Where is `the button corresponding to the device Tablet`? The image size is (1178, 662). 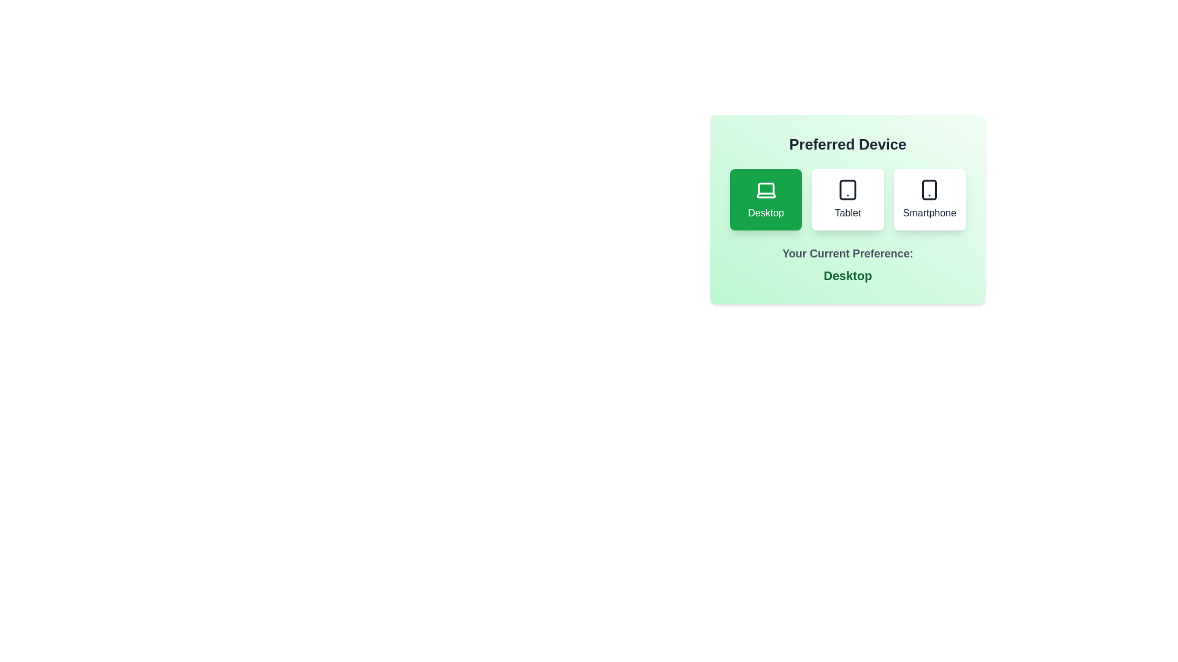 the button corresponding to the device Tablet is located at coordinates (847, 199).